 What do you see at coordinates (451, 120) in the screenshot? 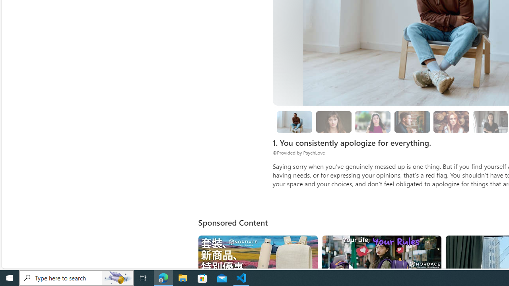
I see `'Class: progress'` at bounding box center [451, 120].